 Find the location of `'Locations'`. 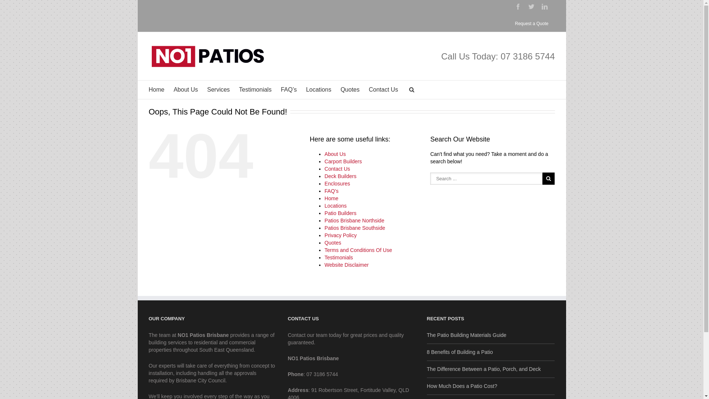

'Locations' is located at coordinates (319, 89).